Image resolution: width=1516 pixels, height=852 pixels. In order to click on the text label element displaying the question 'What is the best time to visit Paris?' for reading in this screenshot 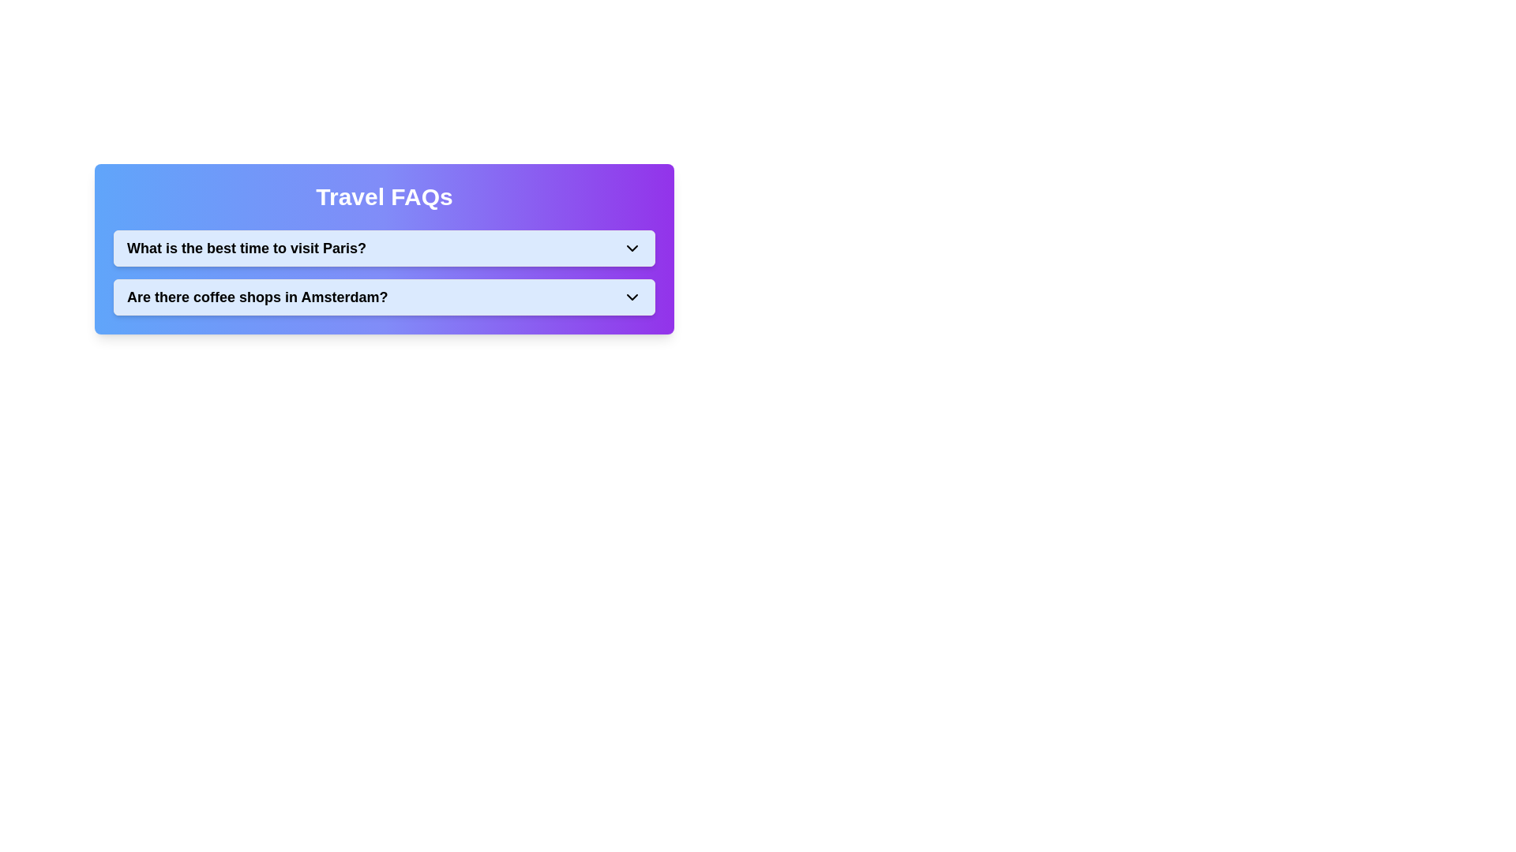, I will do `click(246, 248)`.